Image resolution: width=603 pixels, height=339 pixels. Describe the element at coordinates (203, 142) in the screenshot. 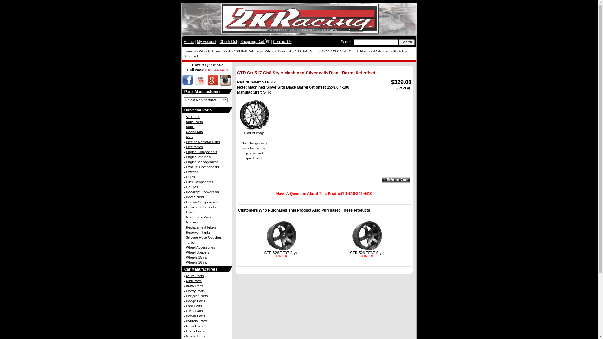

I see `'Electric Radiator Fans'` at that location.